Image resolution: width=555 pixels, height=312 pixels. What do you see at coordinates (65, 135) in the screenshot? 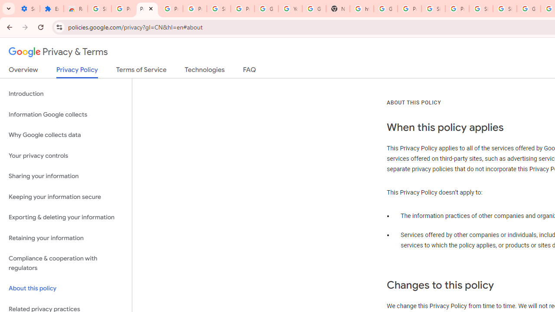
I see `'Why Google collects data'` at bounding box center [65, 135].